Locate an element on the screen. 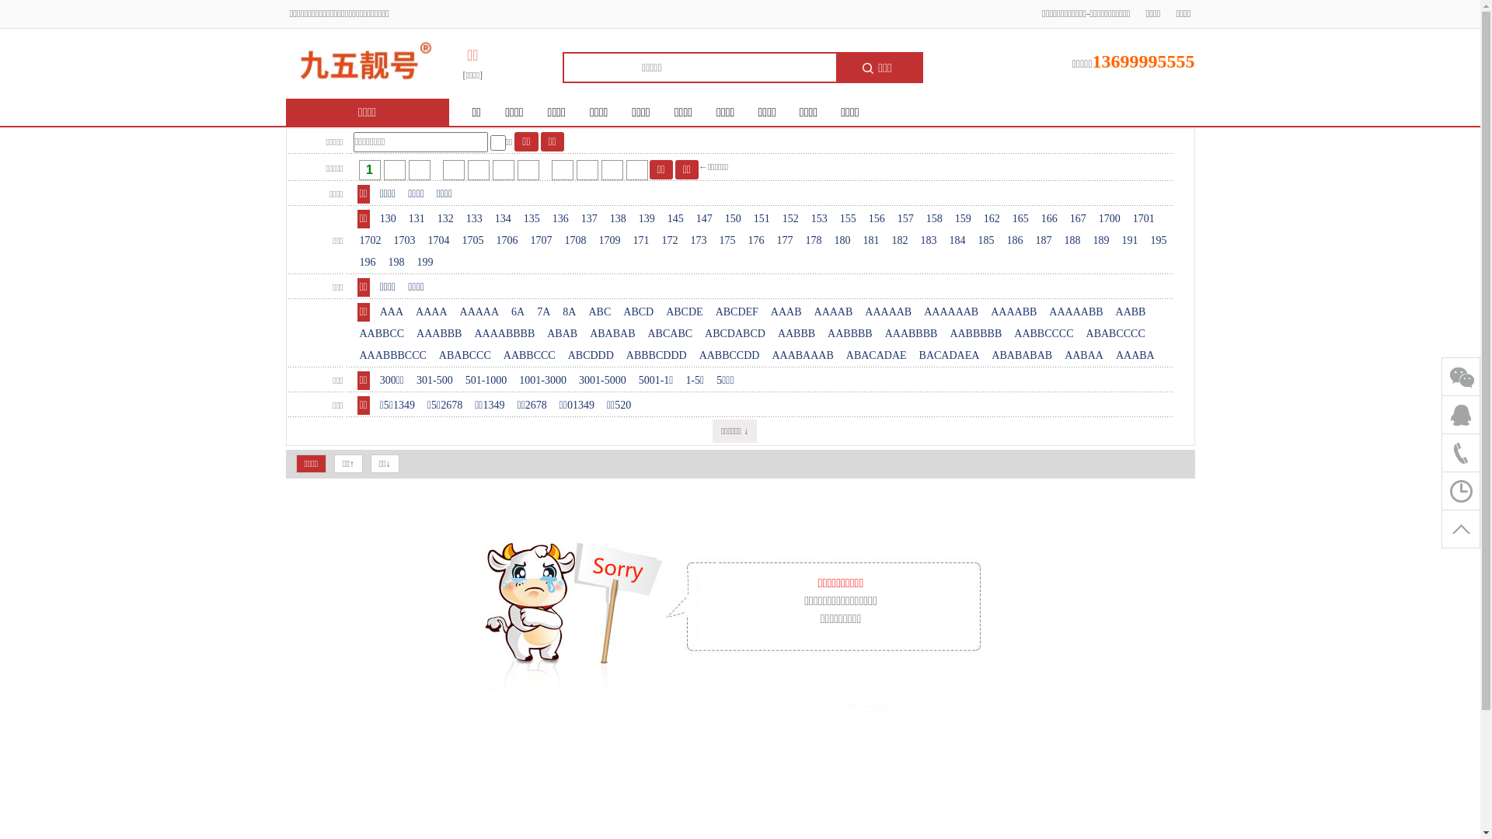 This screenshot has height=839, width=1492. '176' is located at coordinates (756, 240).